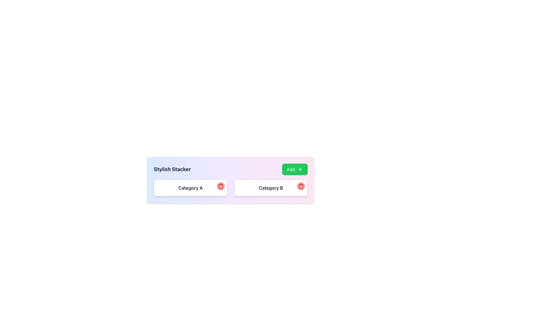 The width and height of the screenshot is (550, 309). What do you see at coordinates (190, 188) in the screenshot?
I see `text label 'Category A', which is a bold dark gray static text element located within the first section of the list, positioned to the left of the trashcan icon` at bounding box center [190, 188].